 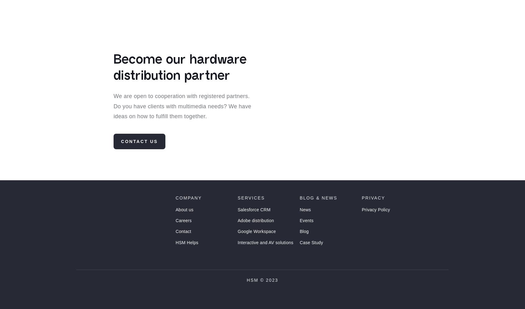 What do you see at coordinates (257, 243) in the screenshot?
I see `'Google Workspace'` at bounding box center [257, 243].